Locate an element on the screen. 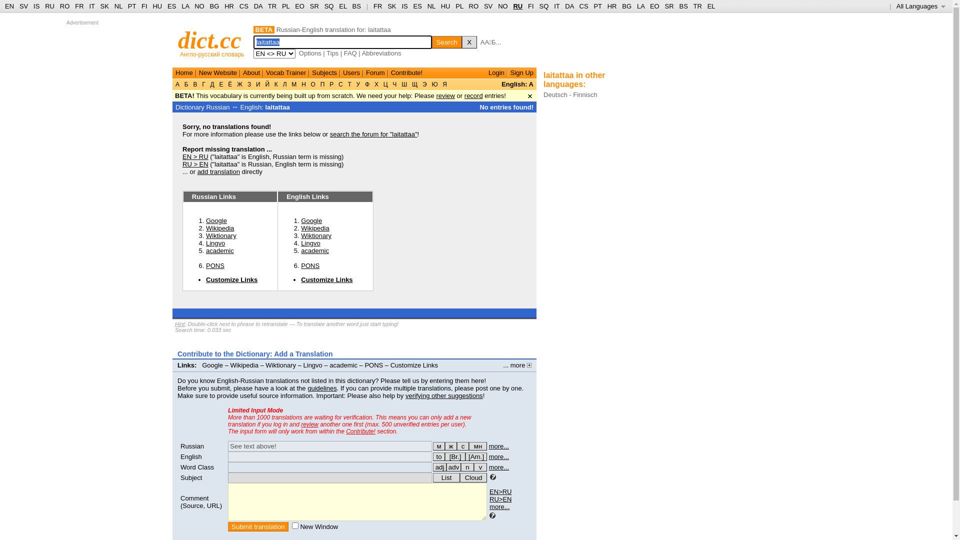 The width and height of the screenshot is (960, 540). 'to' is located at coordinates (432, 456).